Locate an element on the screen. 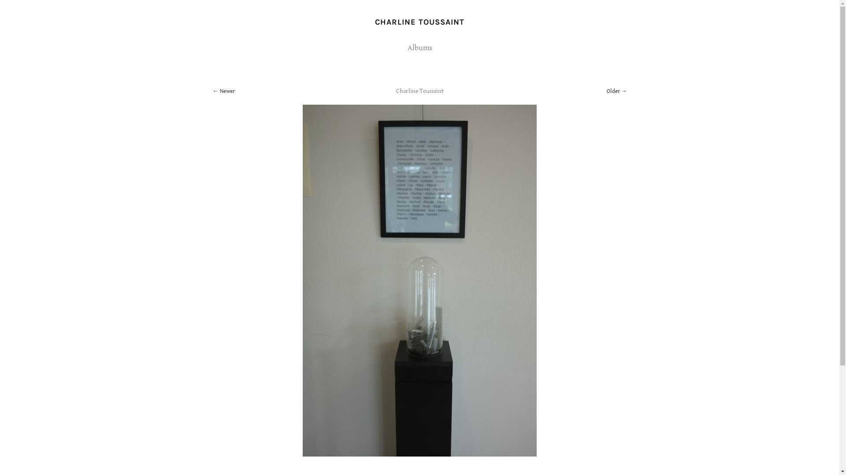 This screenshot has height=475, width=846. 'Newer' is located at coordinates (212, 91).